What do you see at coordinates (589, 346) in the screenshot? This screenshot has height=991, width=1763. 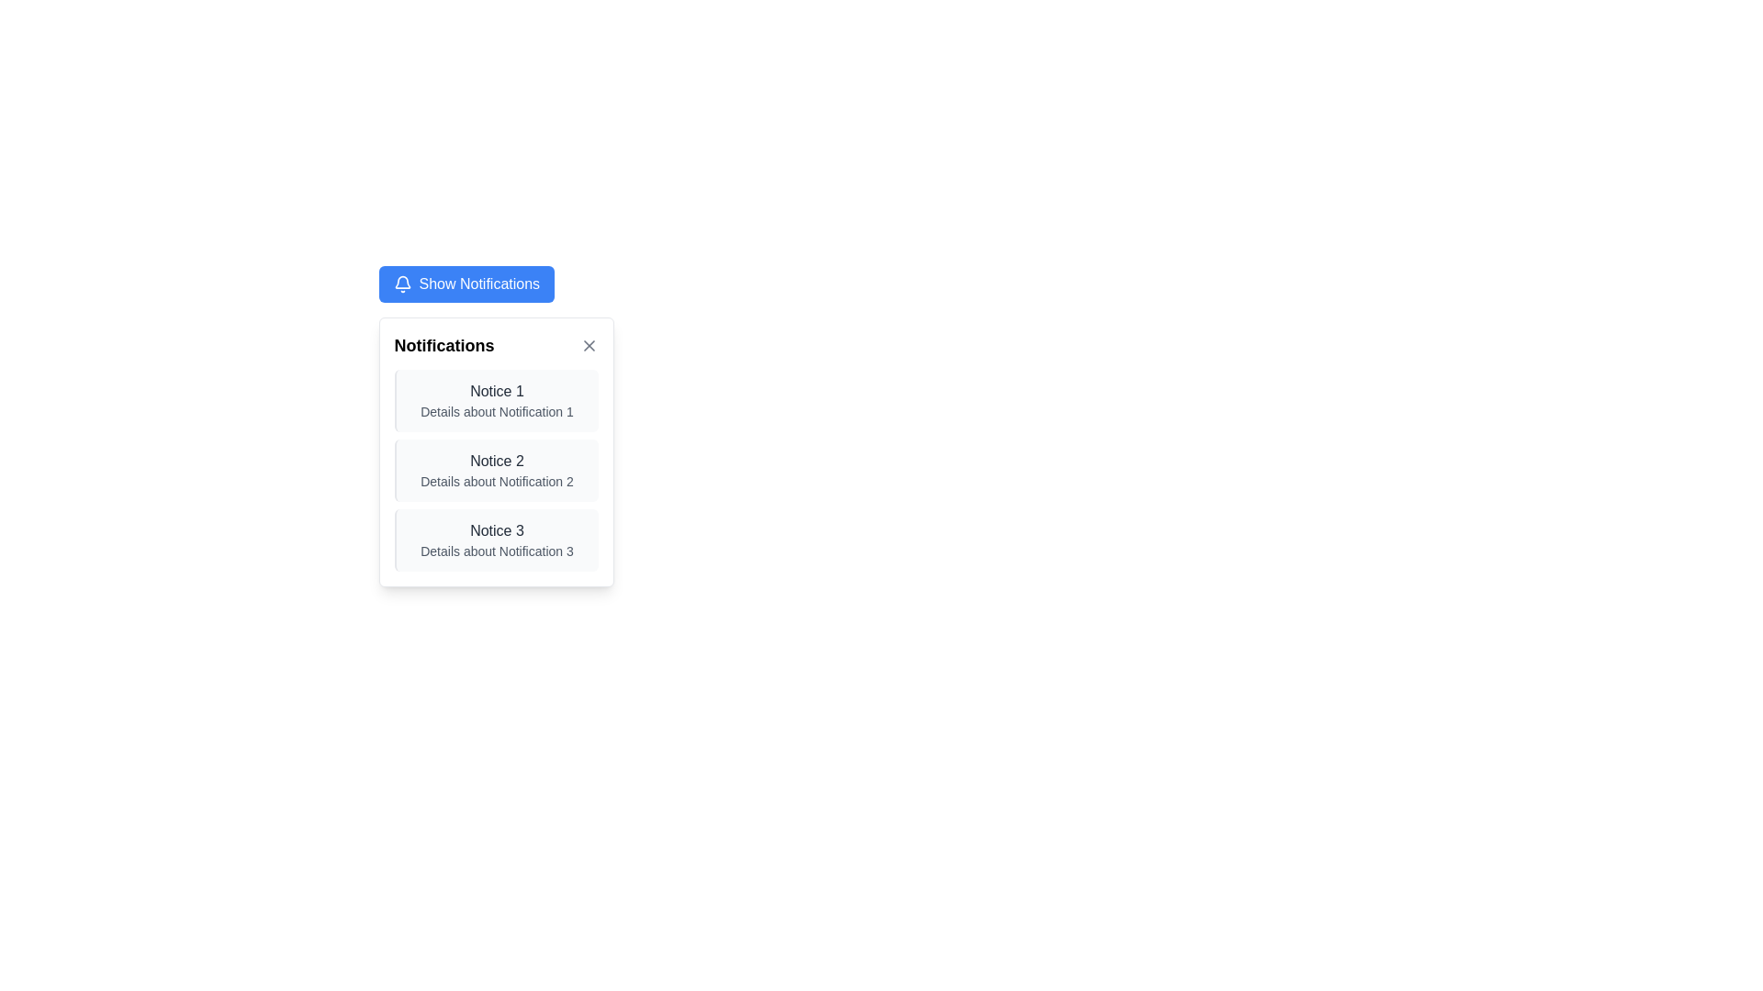 I see `the close button located in the top-right corner of the 'Notifications' panel` at bounding box center [589, 346].